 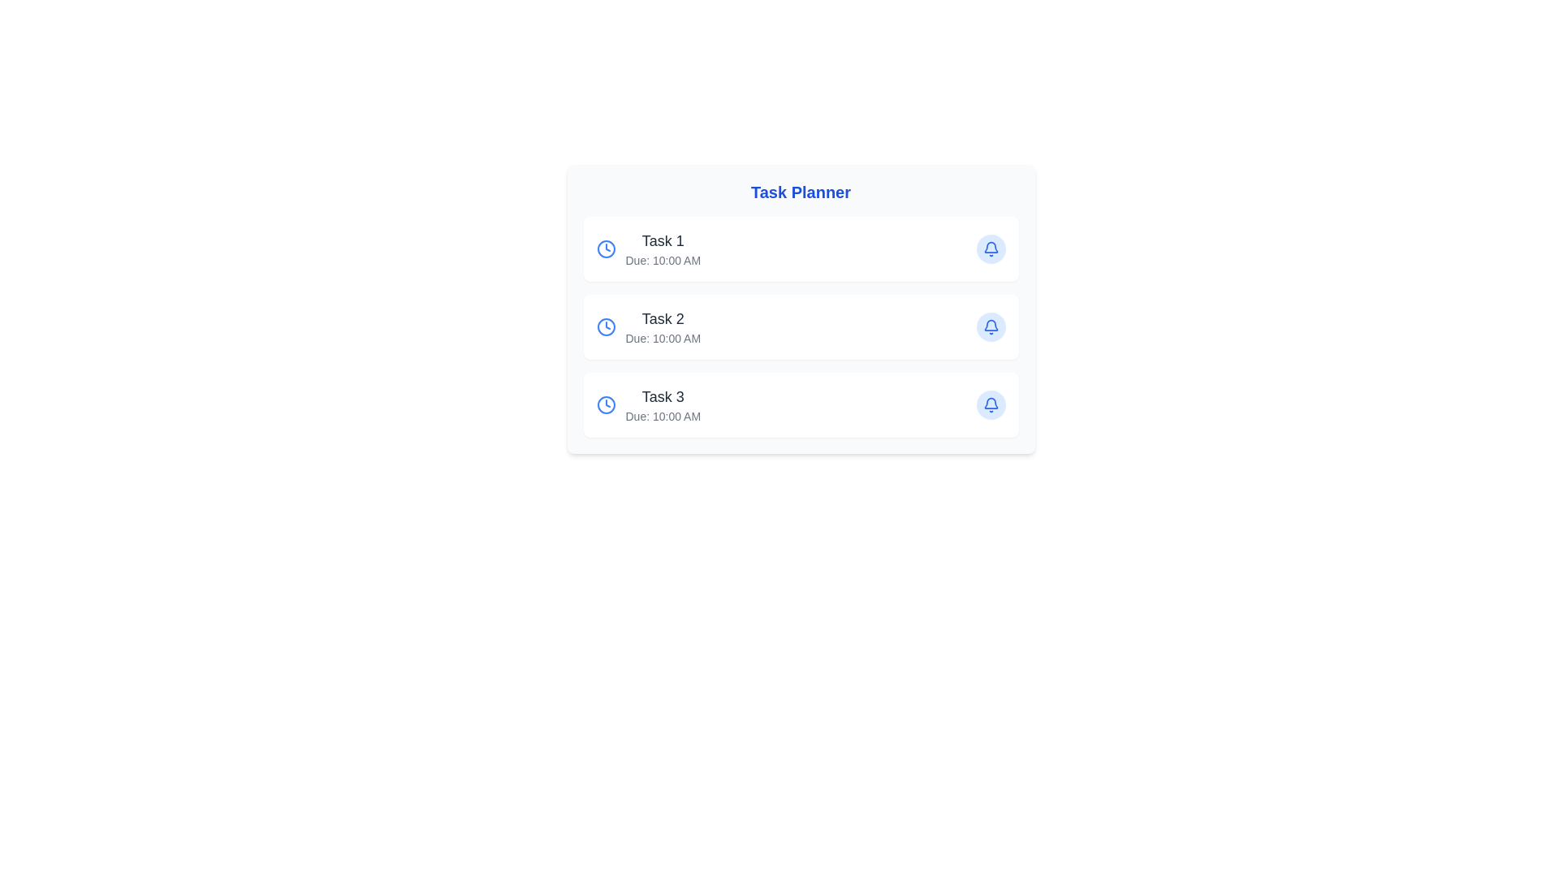 I want to click on the clock icon representing the time-related information for the task located to the left of 'Task 1' and 'Due: 10:00 AM' in the first row of the task list, so click(x=605, y=249).